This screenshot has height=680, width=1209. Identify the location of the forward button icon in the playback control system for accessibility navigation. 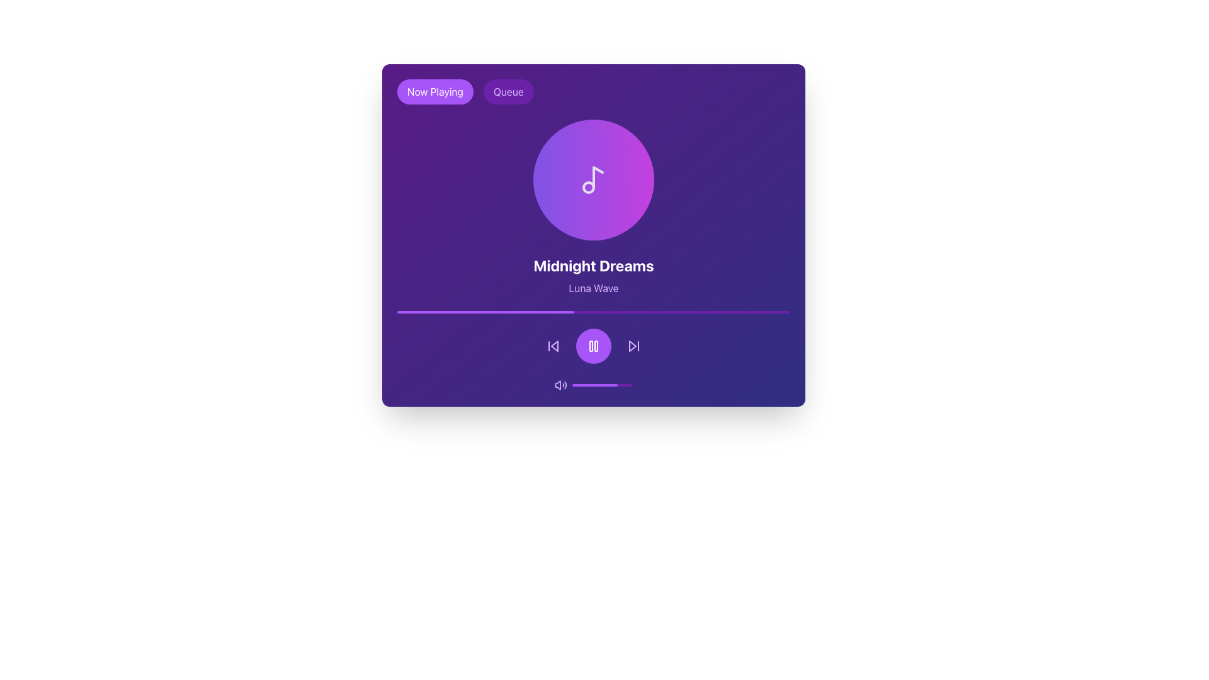
(632, 346).